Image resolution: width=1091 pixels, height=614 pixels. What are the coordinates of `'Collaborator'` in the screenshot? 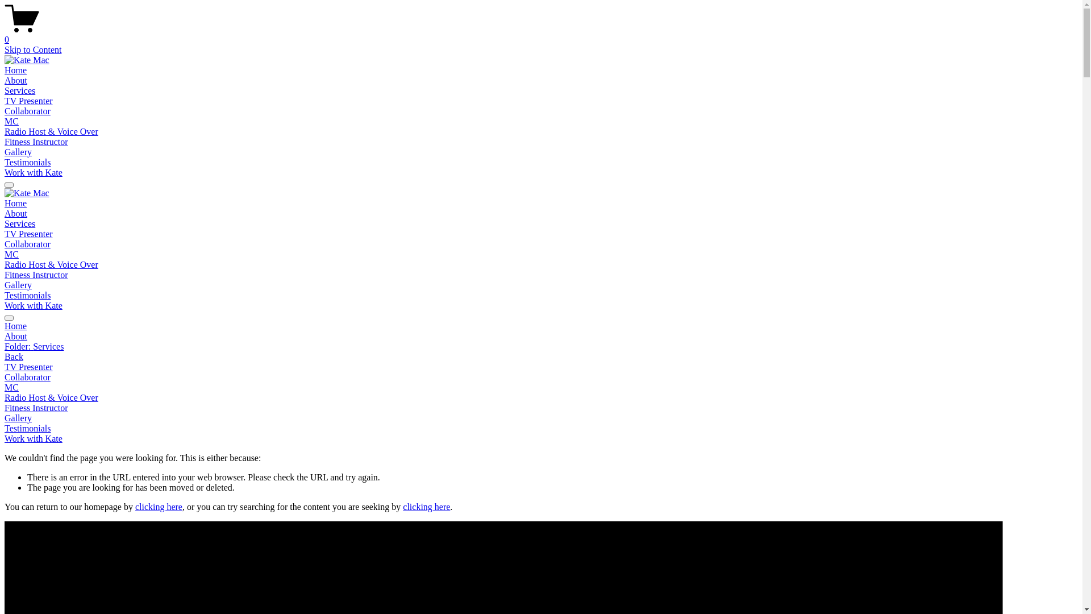 It's located at (5, 377).